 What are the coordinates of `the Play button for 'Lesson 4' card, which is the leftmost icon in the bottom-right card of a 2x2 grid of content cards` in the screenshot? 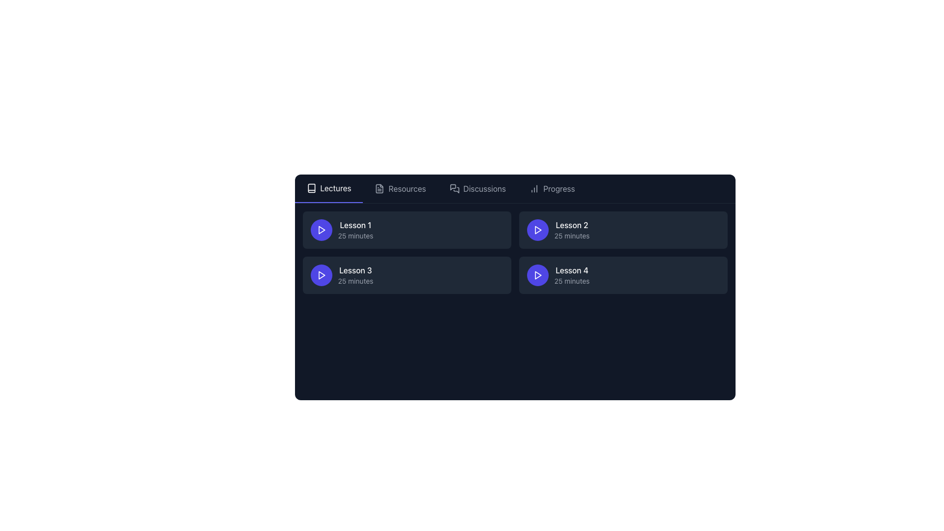 It's located at (537, 275).